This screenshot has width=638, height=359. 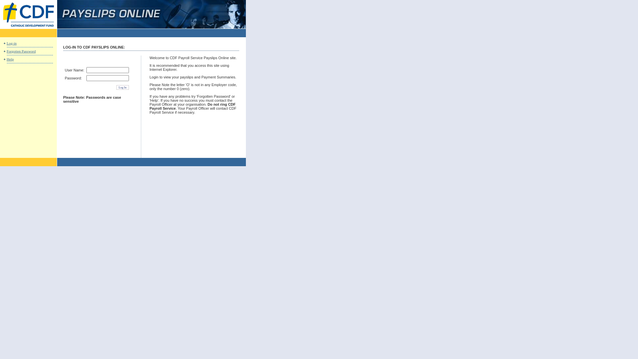 I want to click on 'Forgotten Password', so click(x=21, y=51).